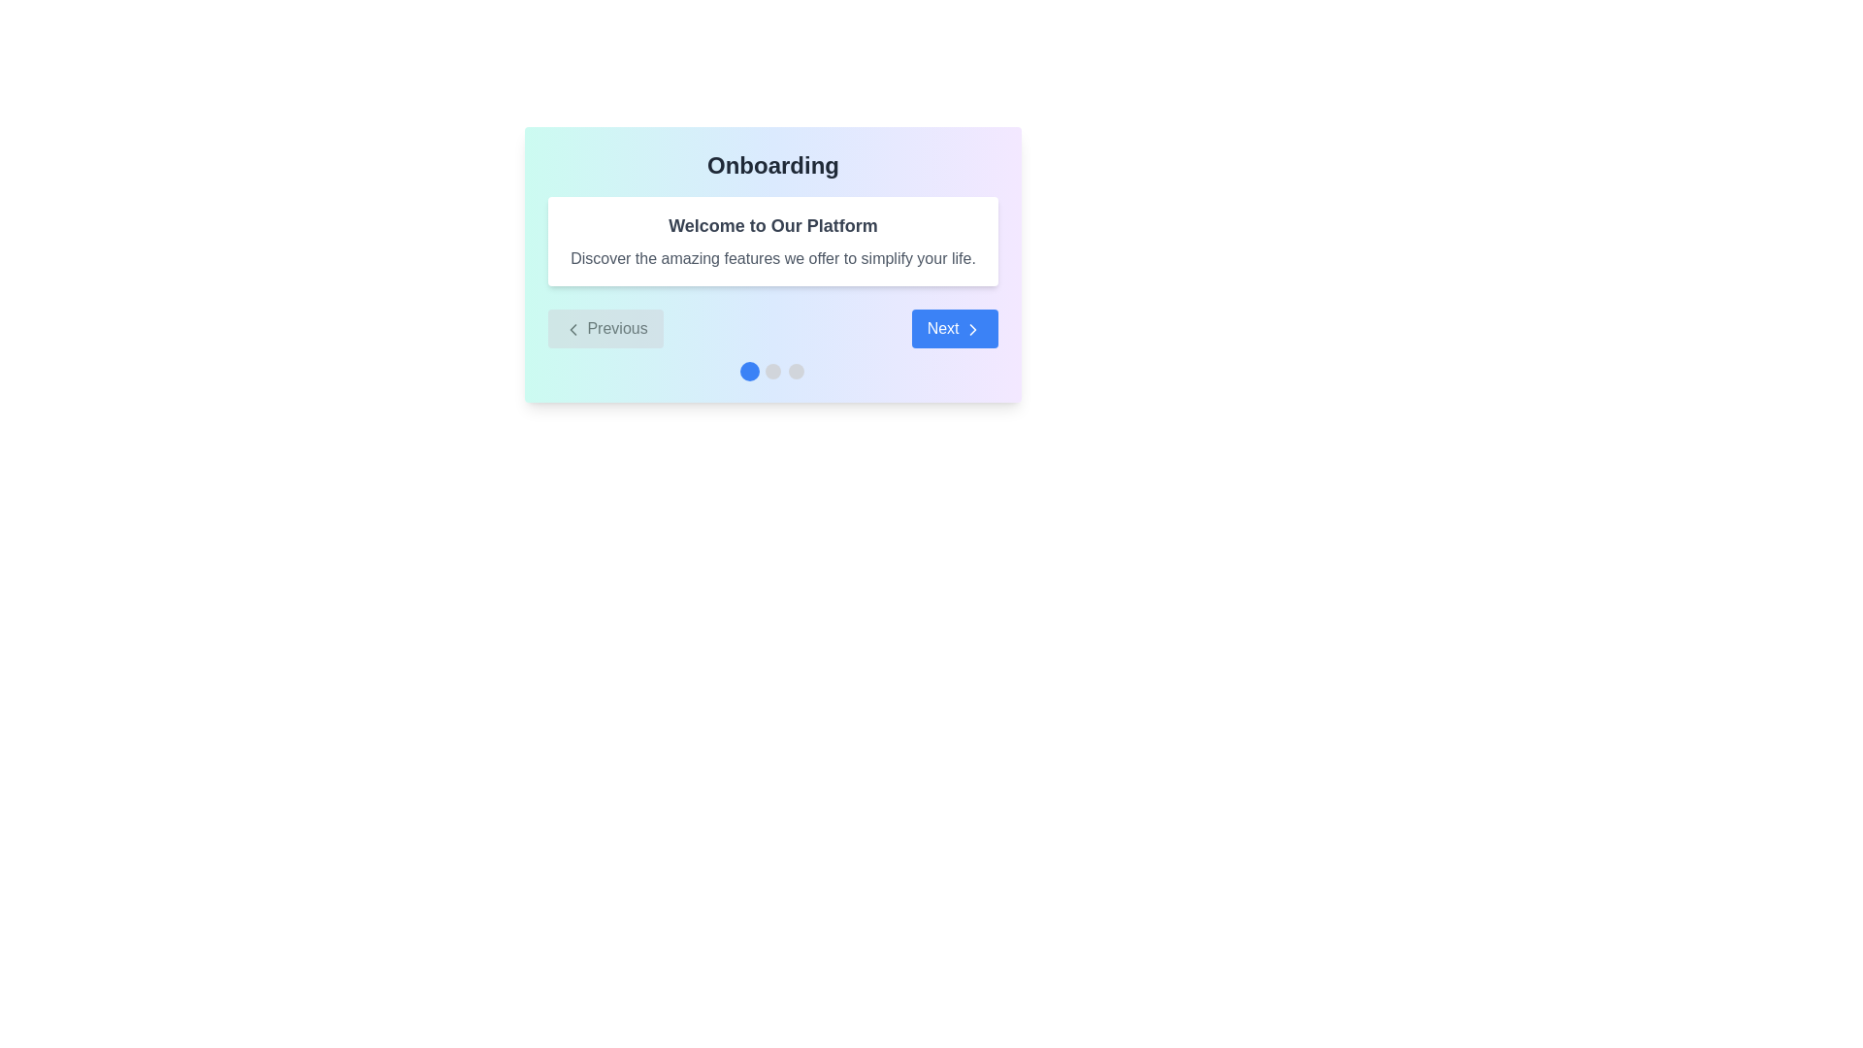 Image resolution: width=1863 pixels, height=1048 pixels. What do you see at coordinates (771, 371) in the screenshot?
I see `the second gray circular indicator element, which is positioned below the main text content and is flanked by a blue circular shape on the left and another gray circular shape on the right` at bounding box center [771, 371].